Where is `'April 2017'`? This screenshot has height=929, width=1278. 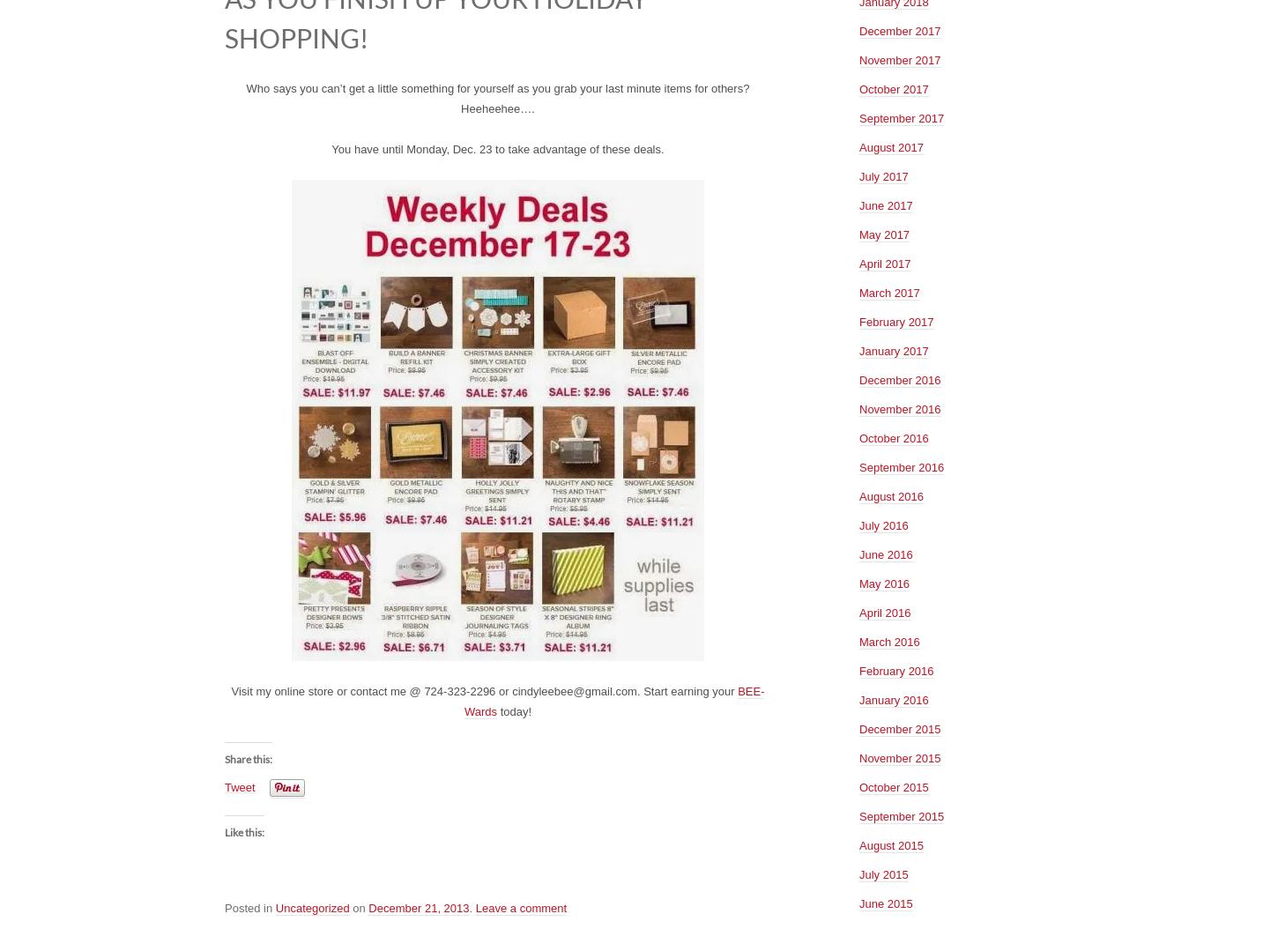
'April 2017' is located at coordinates (884, 262).